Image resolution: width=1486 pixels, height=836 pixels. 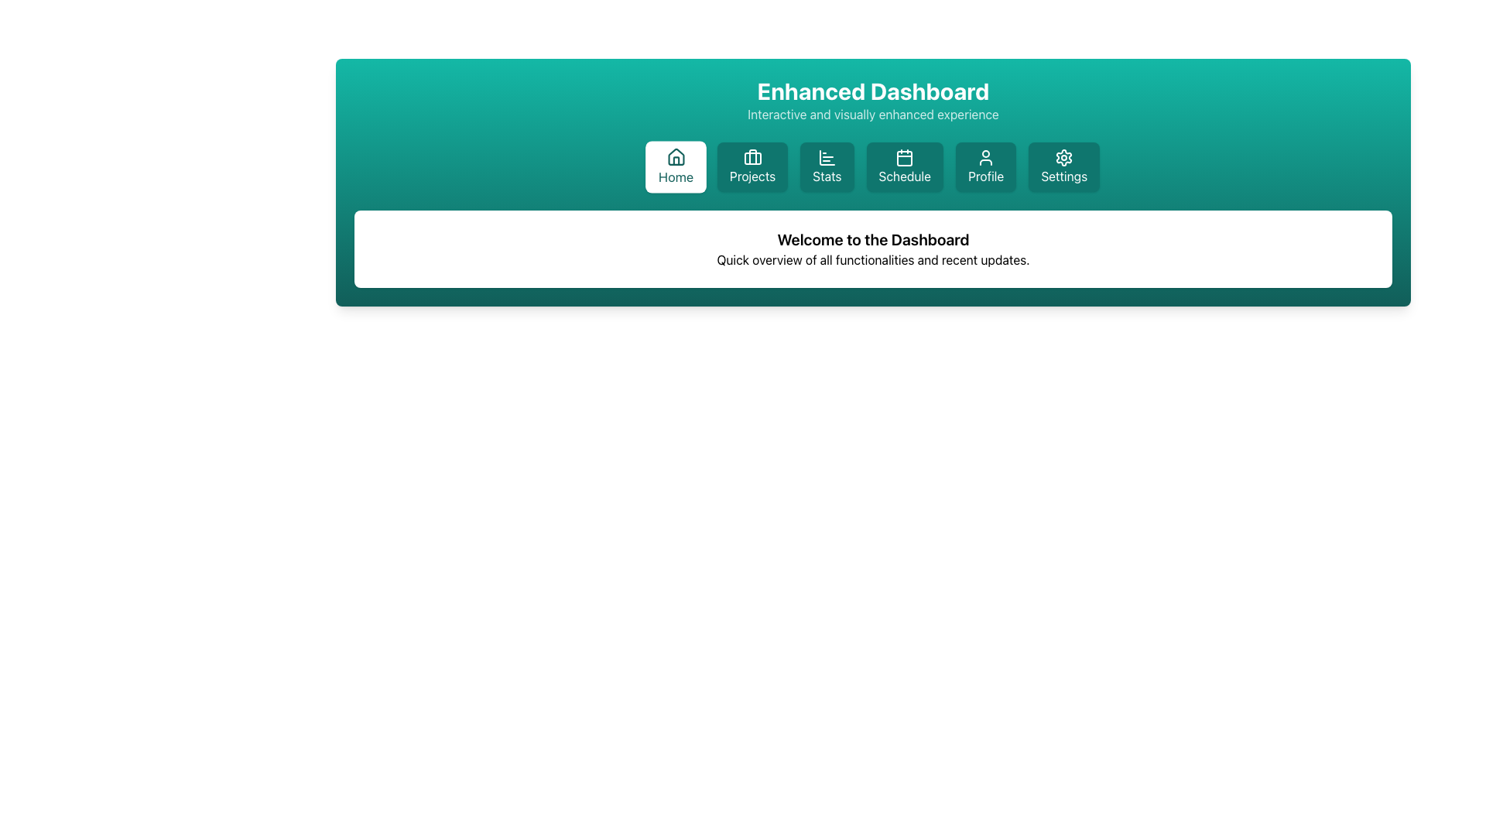 What do you see at coordinates (985, 167) in the screenshot?
I see `the navigation button located in the navigation bar, fifth from the left` at bounding box center [985, 167].